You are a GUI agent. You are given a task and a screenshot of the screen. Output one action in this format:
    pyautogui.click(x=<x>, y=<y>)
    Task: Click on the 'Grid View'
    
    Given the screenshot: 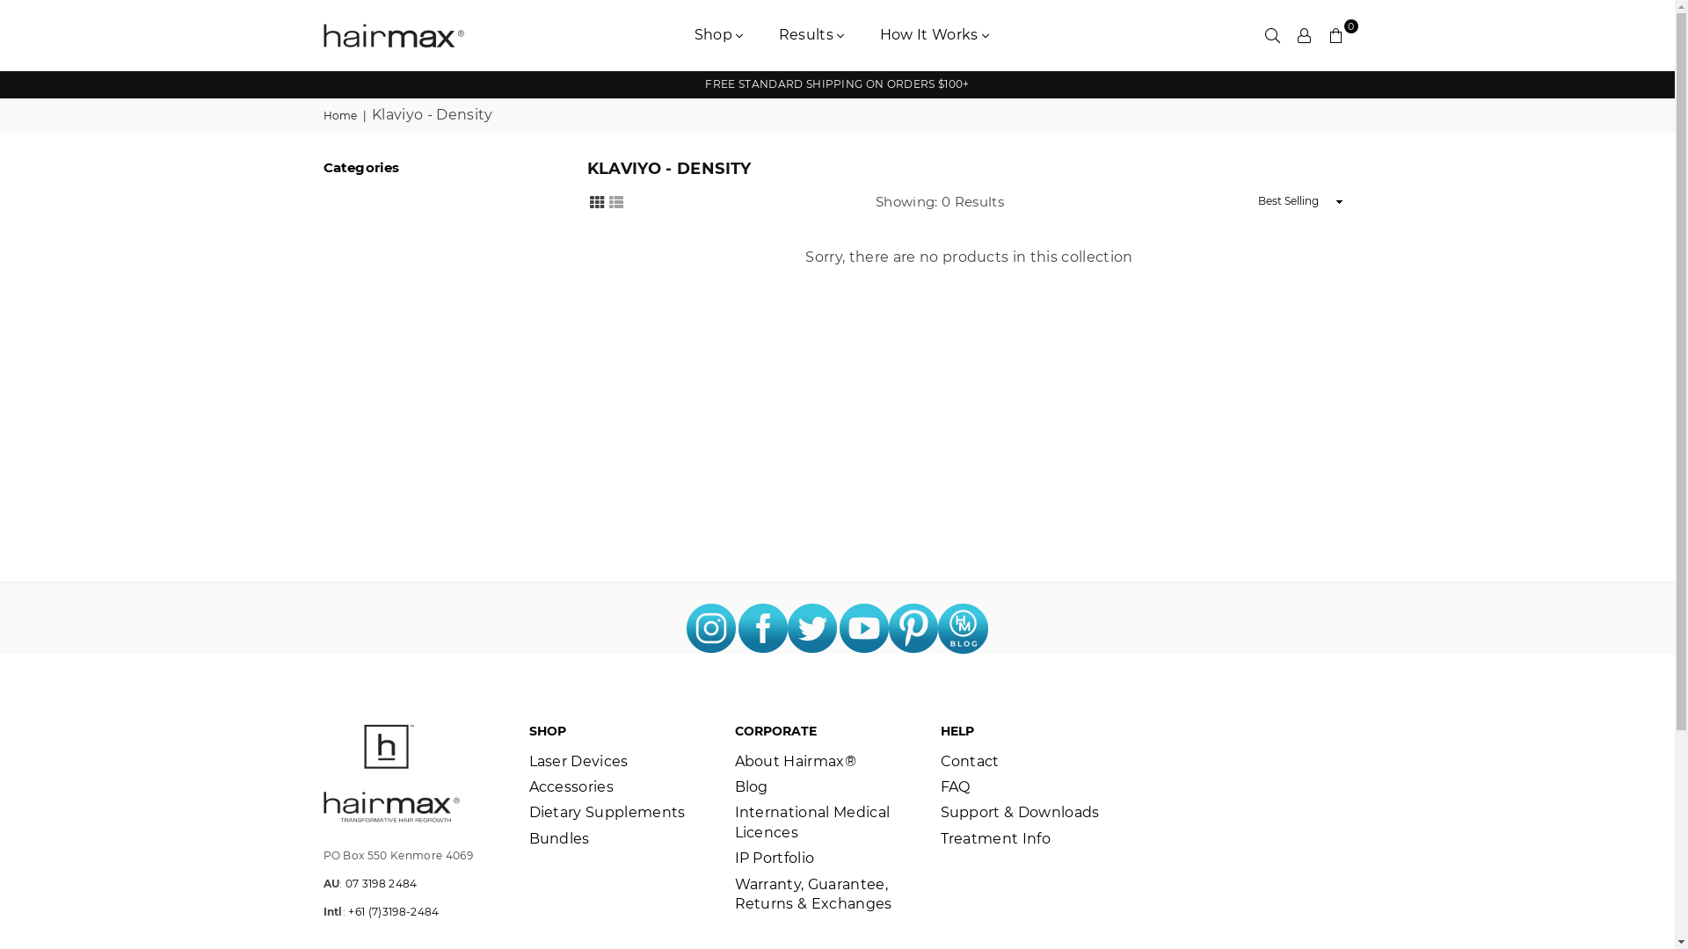 What is the action you would take?
    pyautogui.click(x=596, y=199)
    